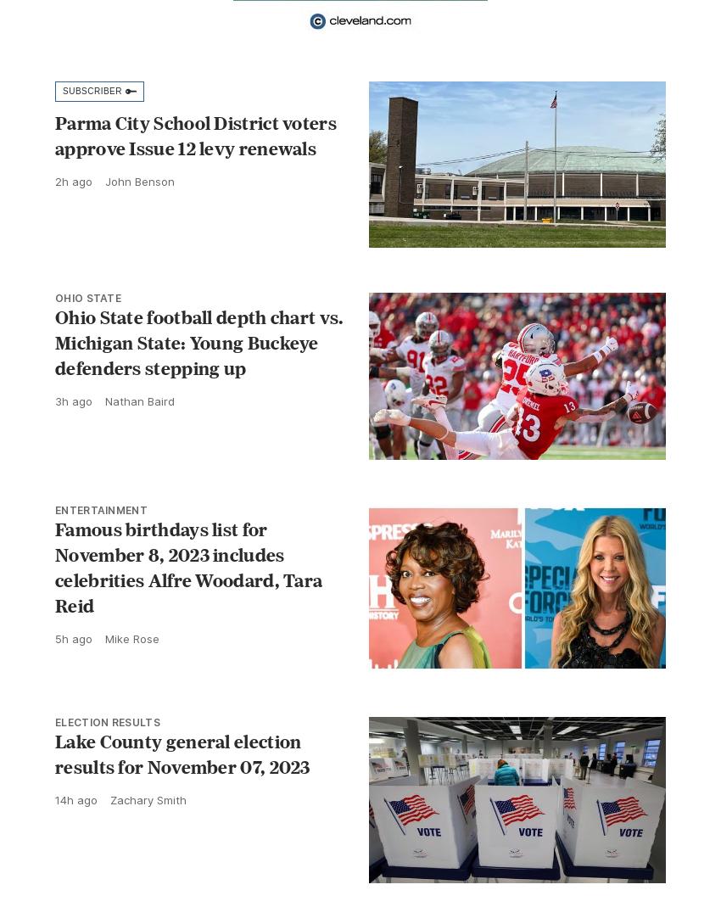 The height and width of the screenshot is (907, 721). What do you see at coordinates (139, 181) in the screenshot?
I see `'John Benson'` at bounding box center [139, 181].